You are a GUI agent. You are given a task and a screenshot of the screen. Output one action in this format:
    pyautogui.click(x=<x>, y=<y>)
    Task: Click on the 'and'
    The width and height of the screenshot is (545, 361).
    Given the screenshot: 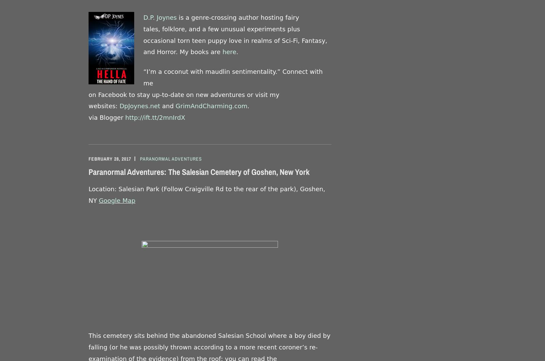 What is the action you would take?
    pyautogui.click(x=160, y=105)
    